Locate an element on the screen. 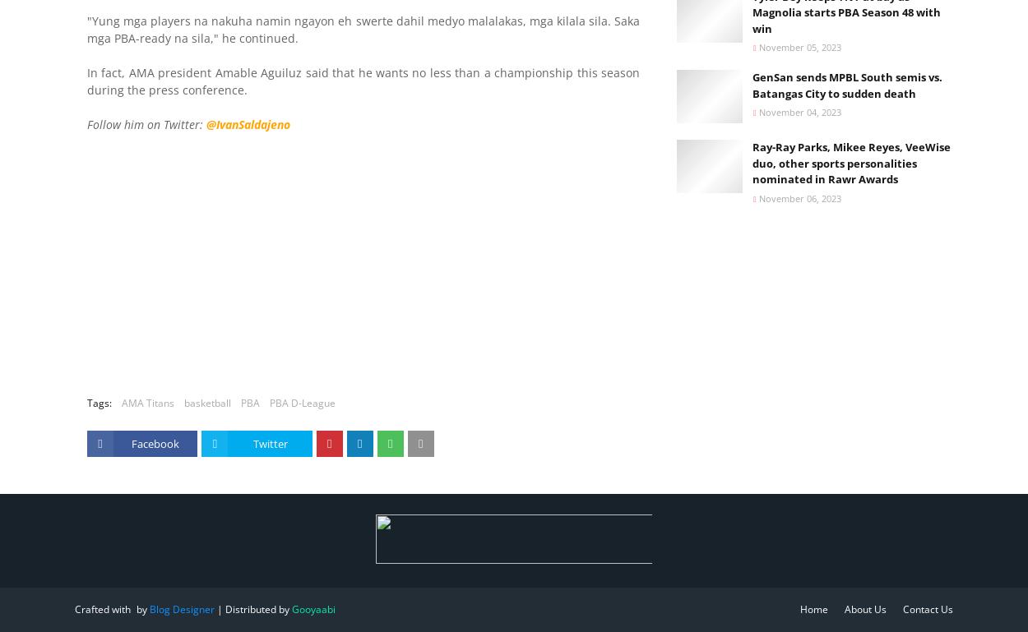 The height and width of the screenshot is (632, 1028). 'Gooyaabi' is located at coordinates (313, 608).